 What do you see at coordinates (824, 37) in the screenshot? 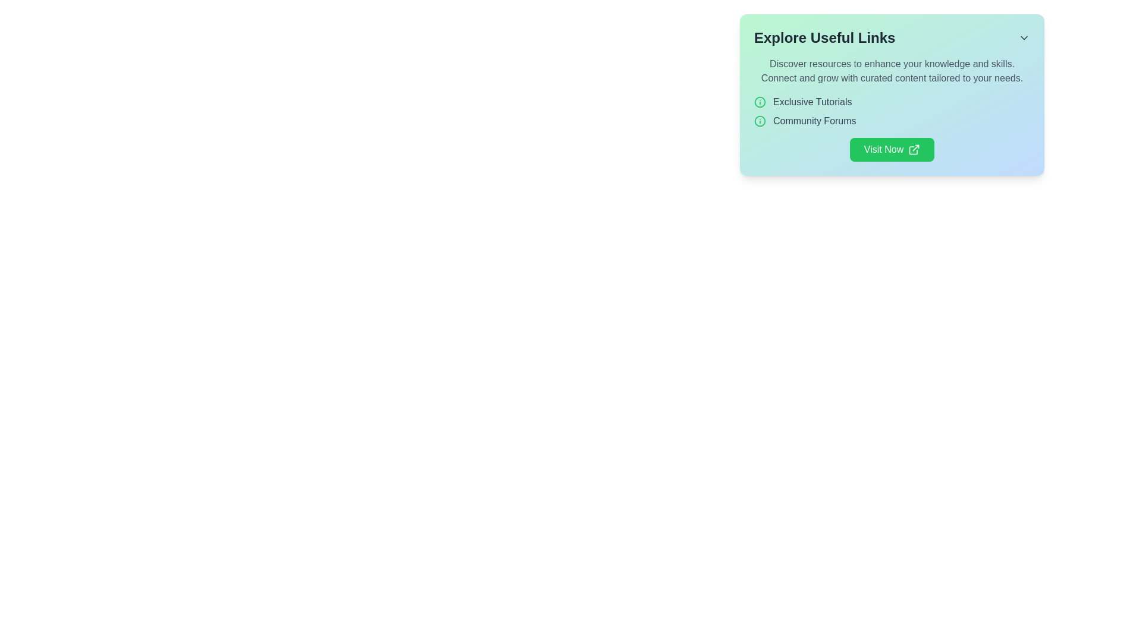
I see `the Text Label displaying 'Explore Useful Links', which is a bold header positioned at the top-left corner of its card interface` at bounding box center [824, 37].